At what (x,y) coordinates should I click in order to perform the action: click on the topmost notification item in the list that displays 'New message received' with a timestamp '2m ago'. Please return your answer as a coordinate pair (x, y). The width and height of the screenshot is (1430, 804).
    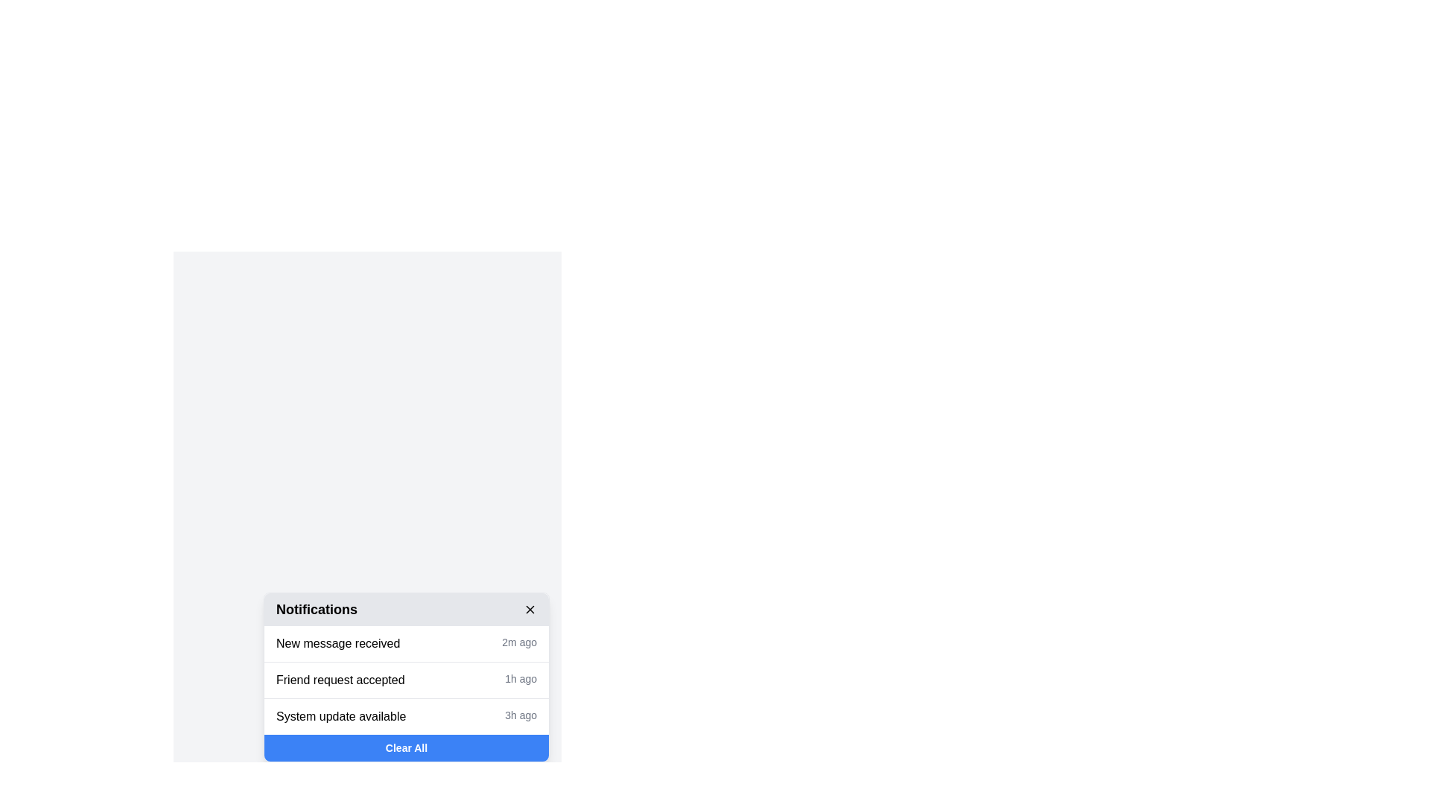
    Looking at the image, I should click on (407, 642).